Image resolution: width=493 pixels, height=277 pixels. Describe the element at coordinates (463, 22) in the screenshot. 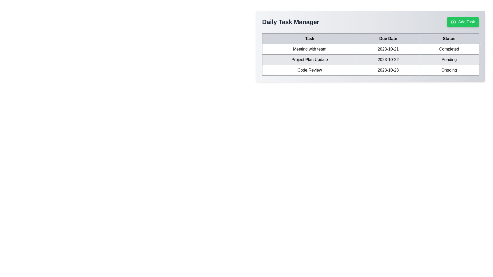

I see `the 'Add Task' button` at that location.